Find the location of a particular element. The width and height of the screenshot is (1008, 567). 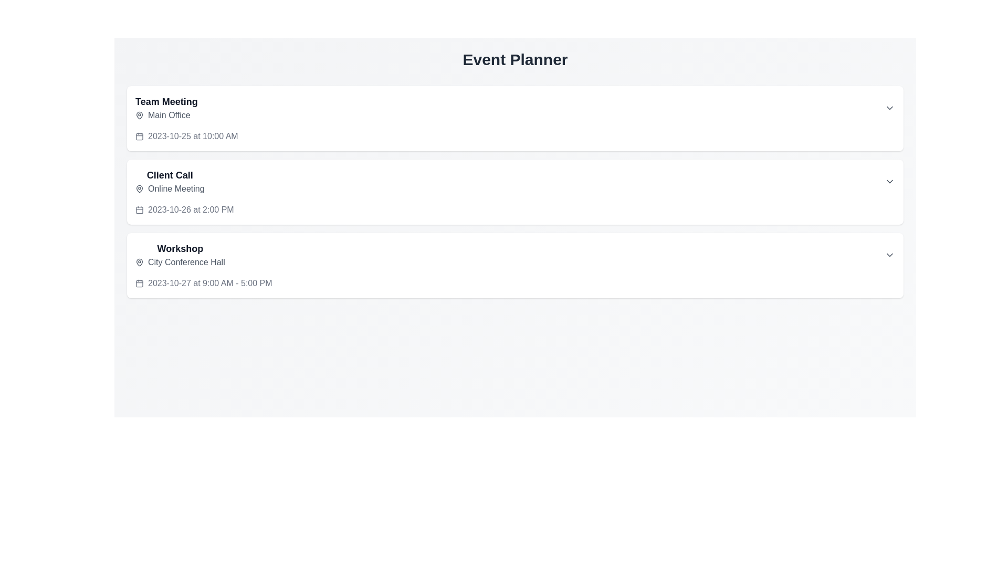

the visual details of the red square icon with rounded corners located at the bottom-right corner of the calendar-like icon structure near the 'Workshop' event section is located at coordinates (139, 283).